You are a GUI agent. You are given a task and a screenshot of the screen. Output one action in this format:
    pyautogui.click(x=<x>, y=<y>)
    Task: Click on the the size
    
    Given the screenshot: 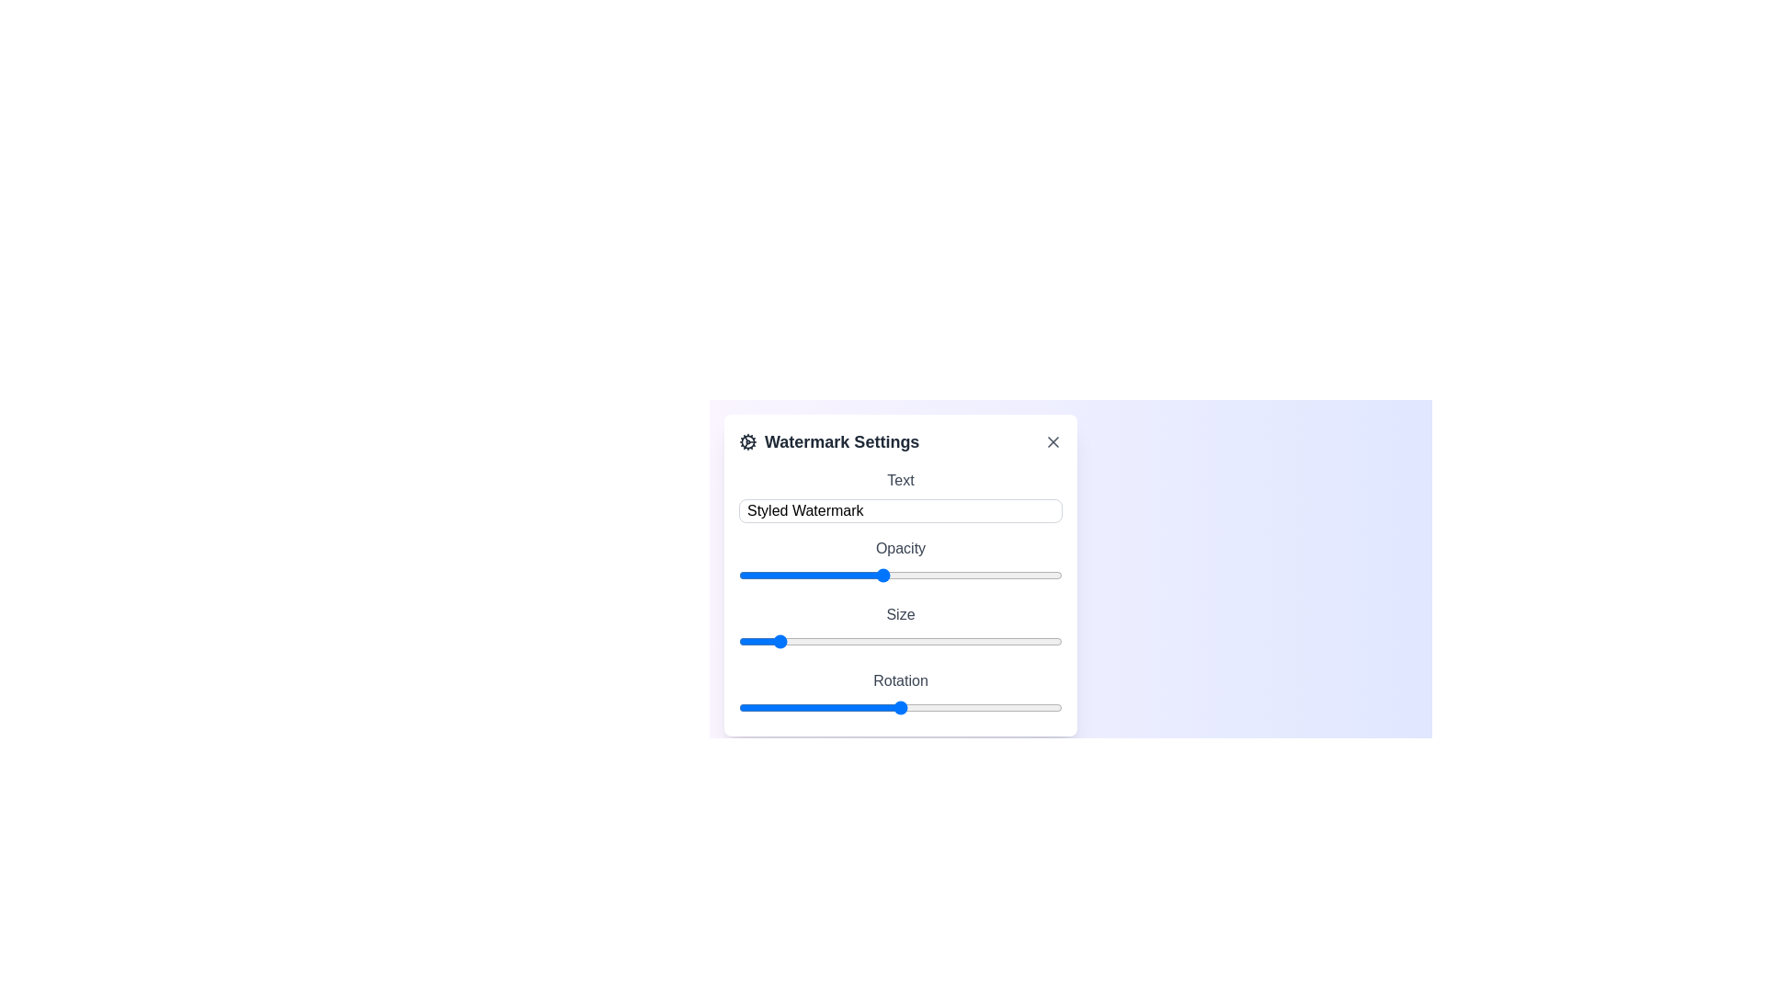 What is the action you would take?
    pyautogui.click(x=819, y=641)
    